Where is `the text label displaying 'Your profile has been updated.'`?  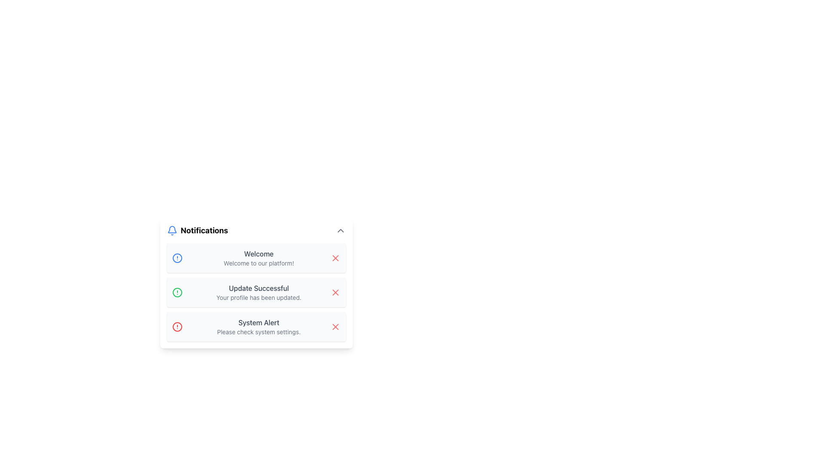 the text label displaying 'Your profile has been updated.' is located at coordinates (258, 297).